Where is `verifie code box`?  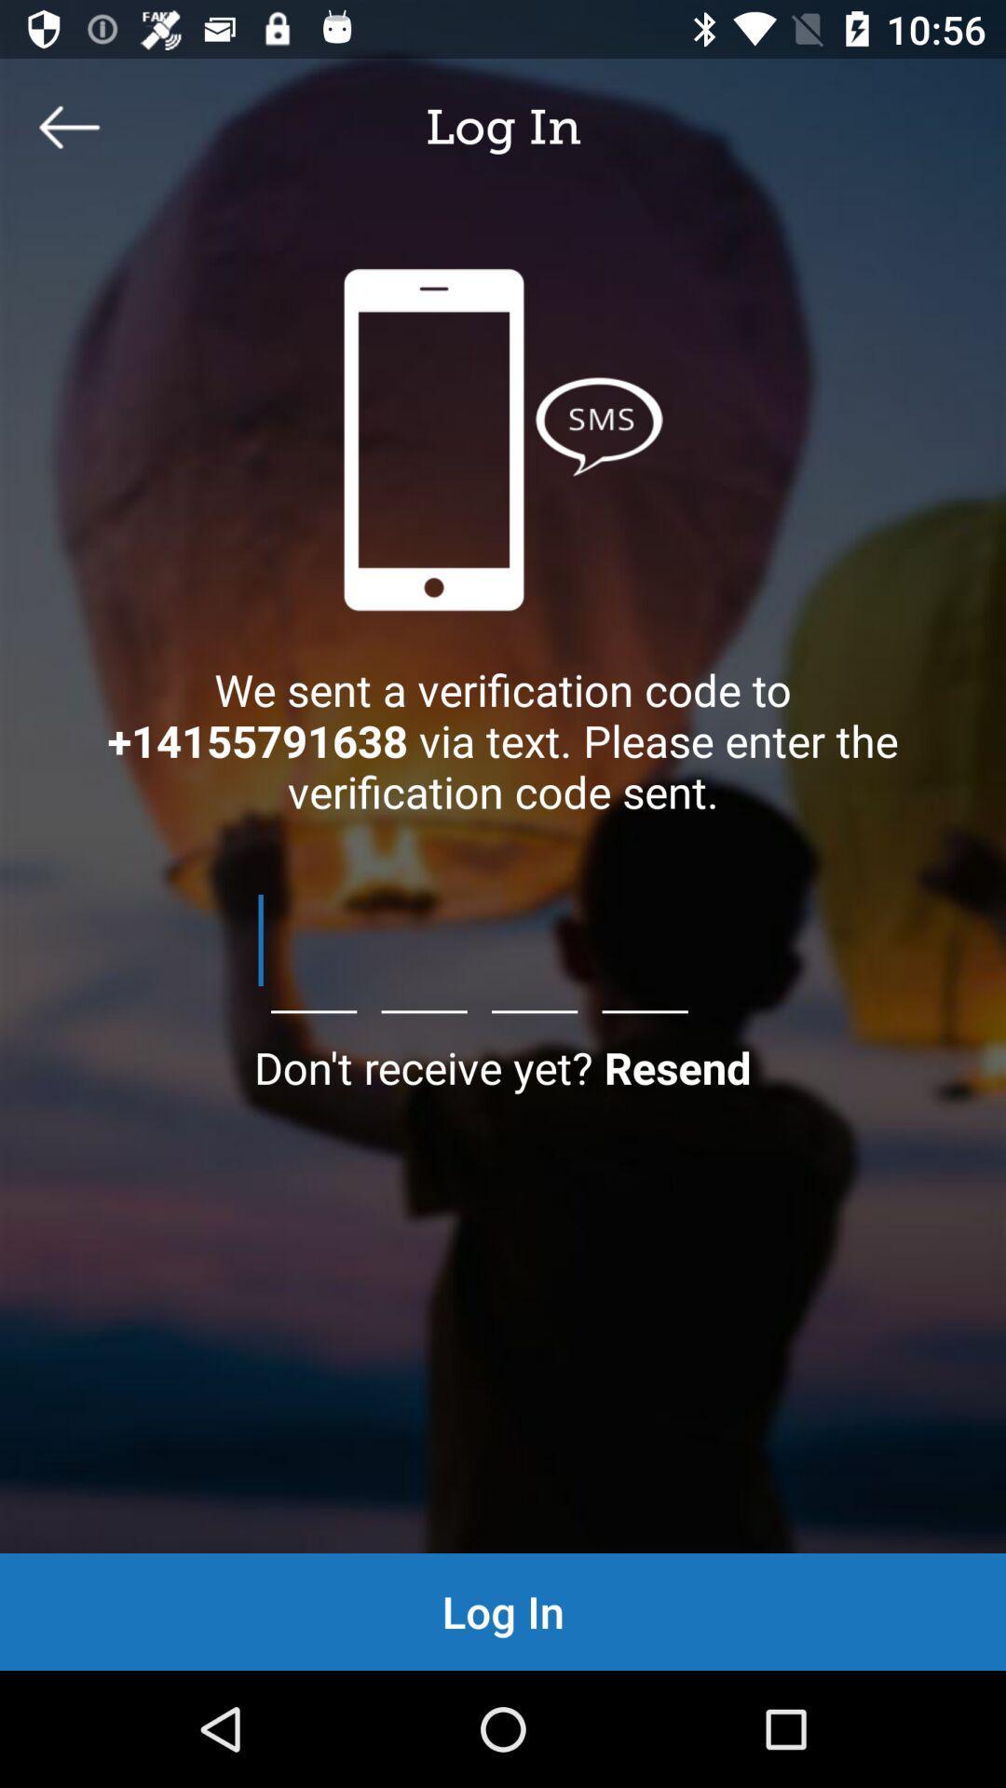 verifie code box is located at coordinates (503, 940).